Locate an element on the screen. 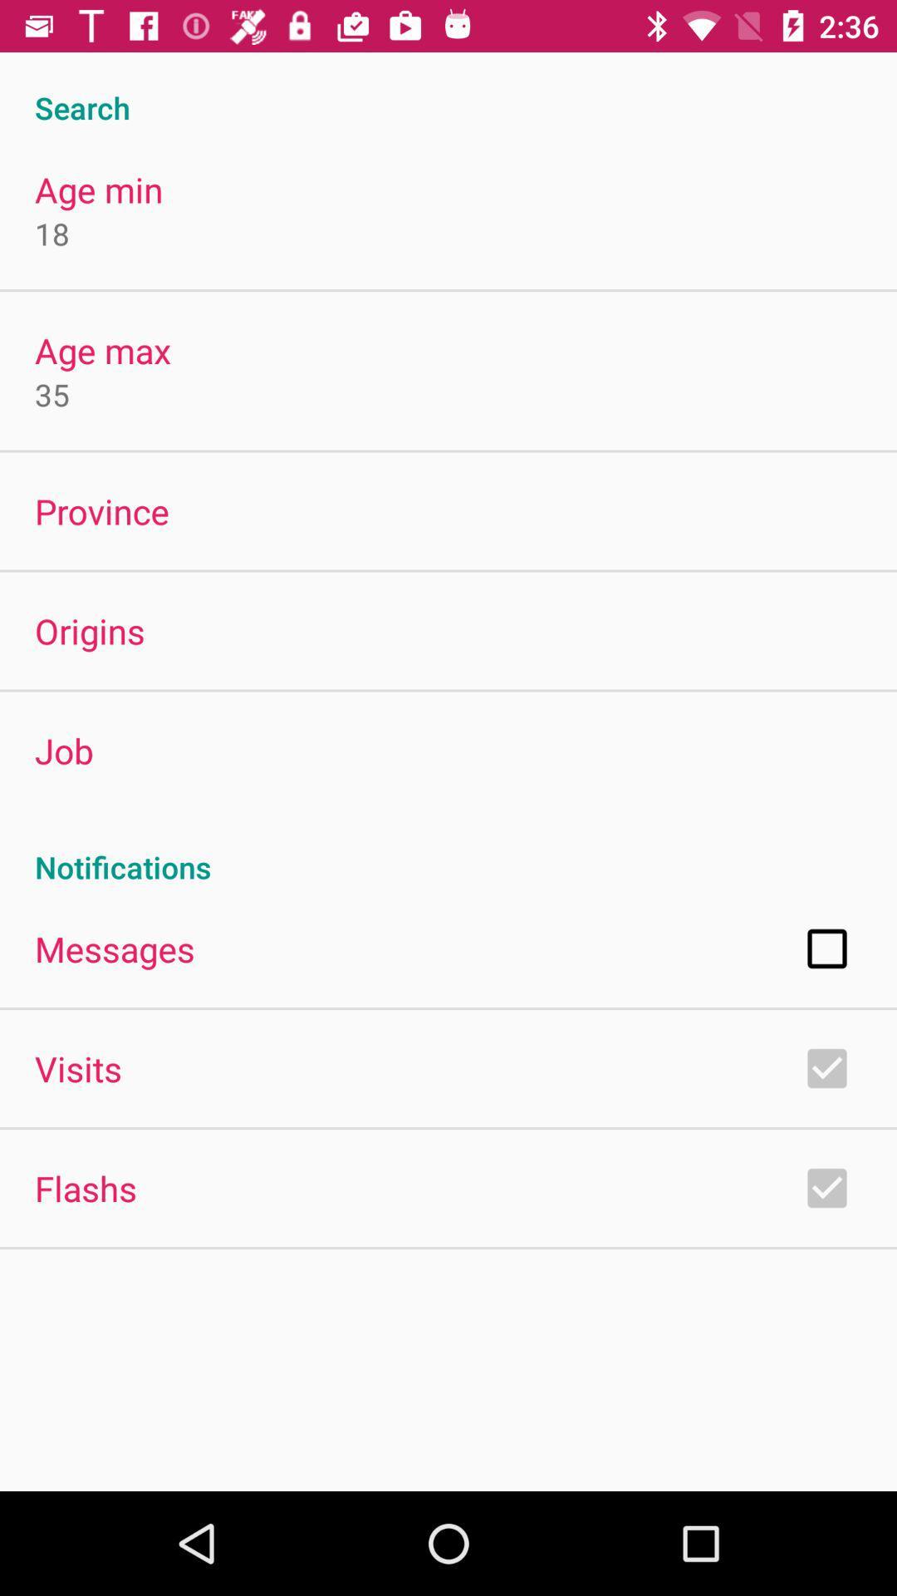 The width and height of the screenshot is (897, 1596). the age min is located at coordinates (99, 190).